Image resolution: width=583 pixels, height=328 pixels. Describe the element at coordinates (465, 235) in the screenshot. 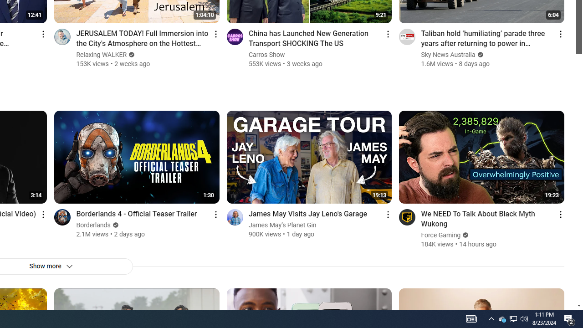

I see `'Verified'` at that location.